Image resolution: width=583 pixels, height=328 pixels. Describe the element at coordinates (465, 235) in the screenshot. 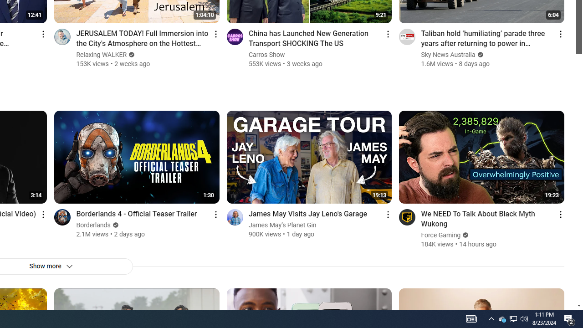

I see `'Verified'` at that location.